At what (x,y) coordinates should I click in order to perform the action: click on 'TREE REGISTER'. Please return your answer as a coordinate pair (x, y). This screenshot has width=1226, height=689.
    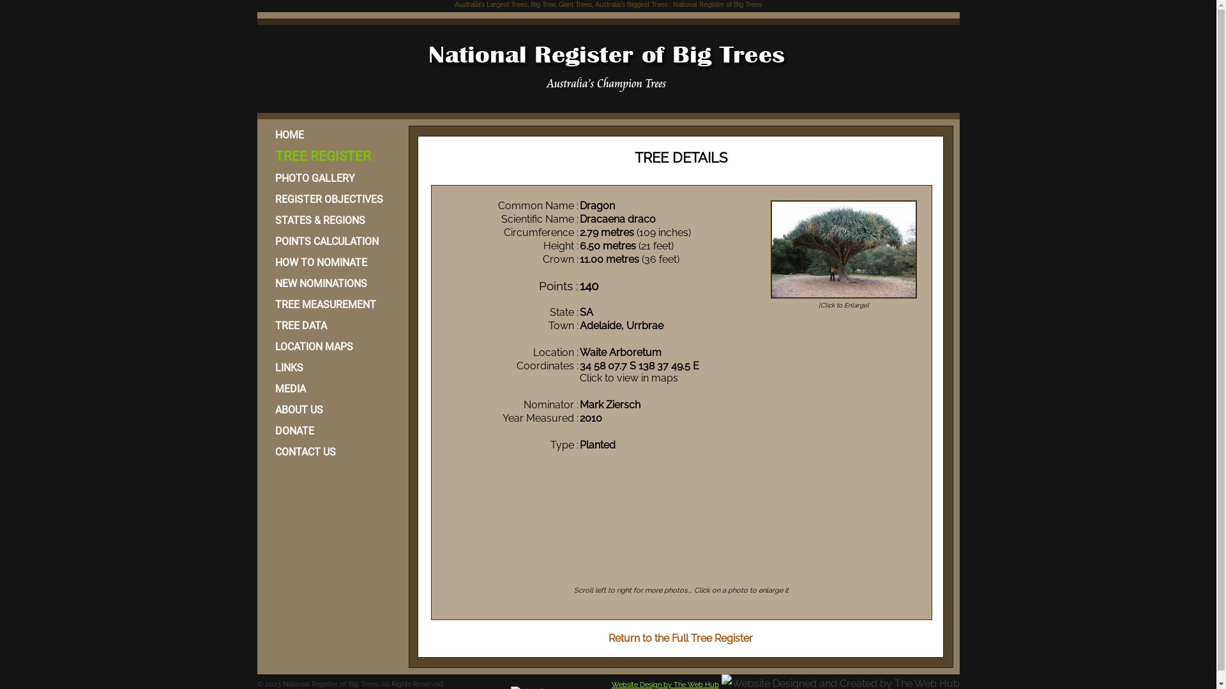
    Looking at the image, I should click on (262, 156).